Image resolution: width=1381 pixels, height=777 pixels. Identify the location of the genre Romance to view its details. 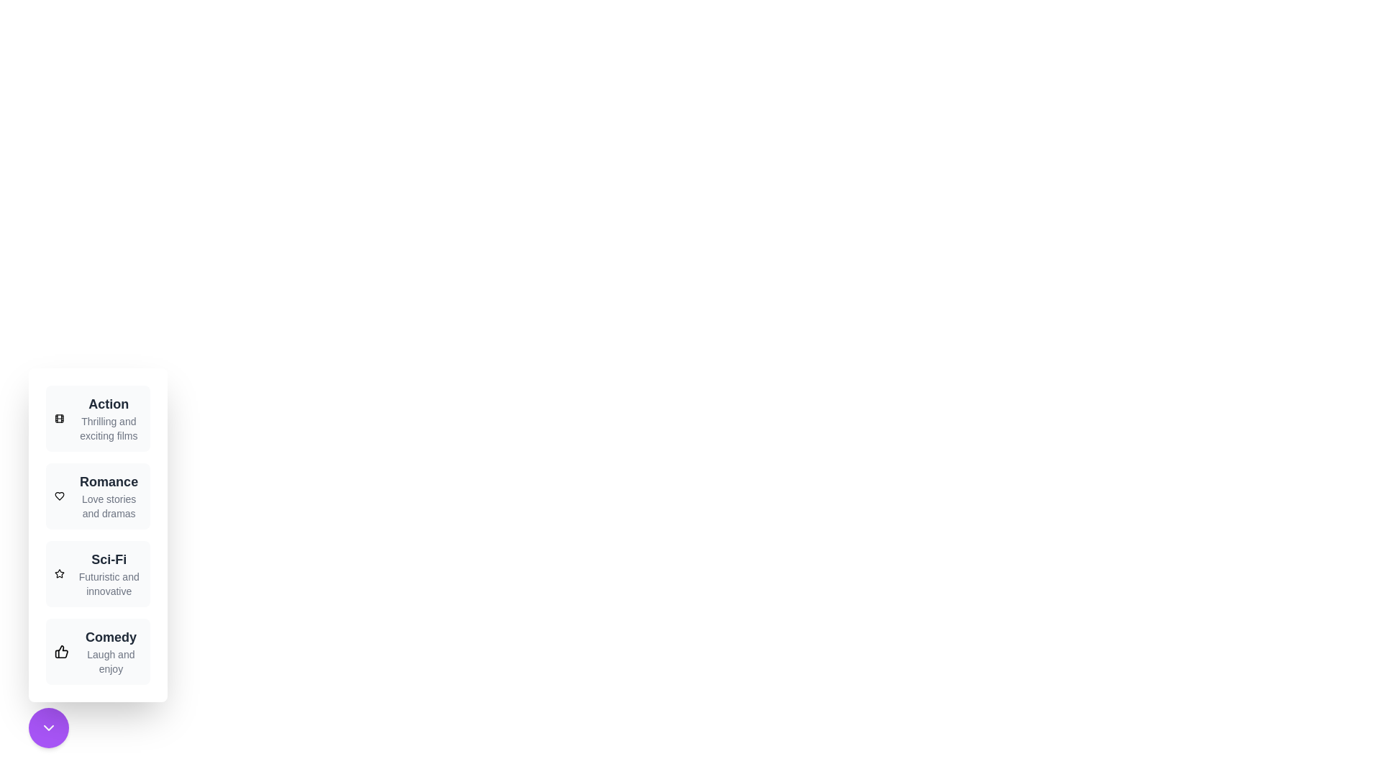
(96, 496).